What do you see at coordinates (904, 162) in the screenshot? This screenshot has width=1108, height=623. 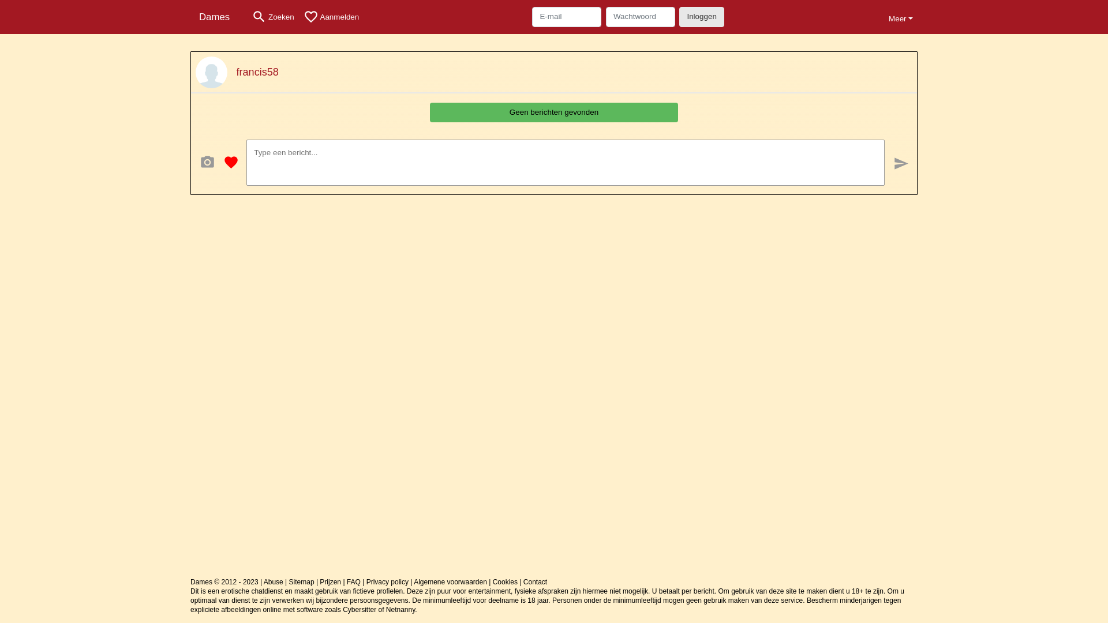 I see `'send'` at bounding box center [904, 162].